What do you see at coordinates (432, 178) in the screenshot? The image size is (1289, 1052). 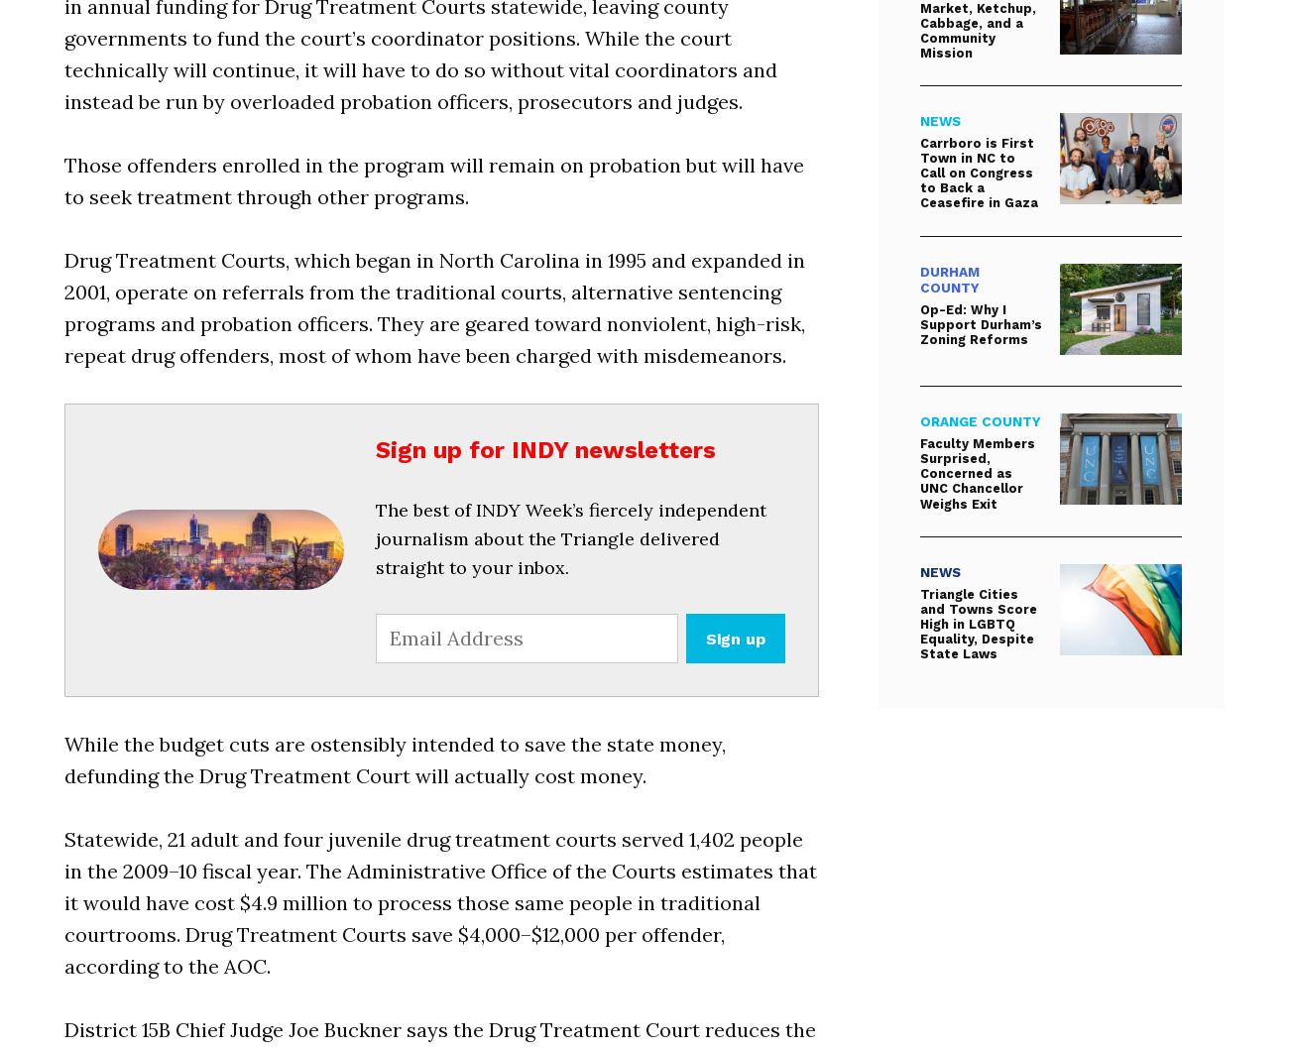 I see `'Those offenders enrolled in the program will remain on probation but will have to seek treatment through other programs.'` at bounding box center [432, 178].